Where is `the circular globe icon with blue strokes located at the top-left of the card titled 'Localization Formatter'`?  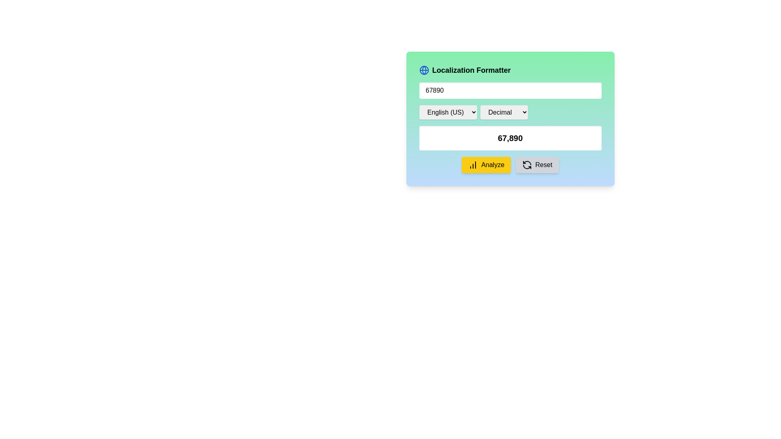 the circular globe icon with blue strokes located at the top-left of the card titled 'Localization Formatter' is located at coordinates (423, 70).